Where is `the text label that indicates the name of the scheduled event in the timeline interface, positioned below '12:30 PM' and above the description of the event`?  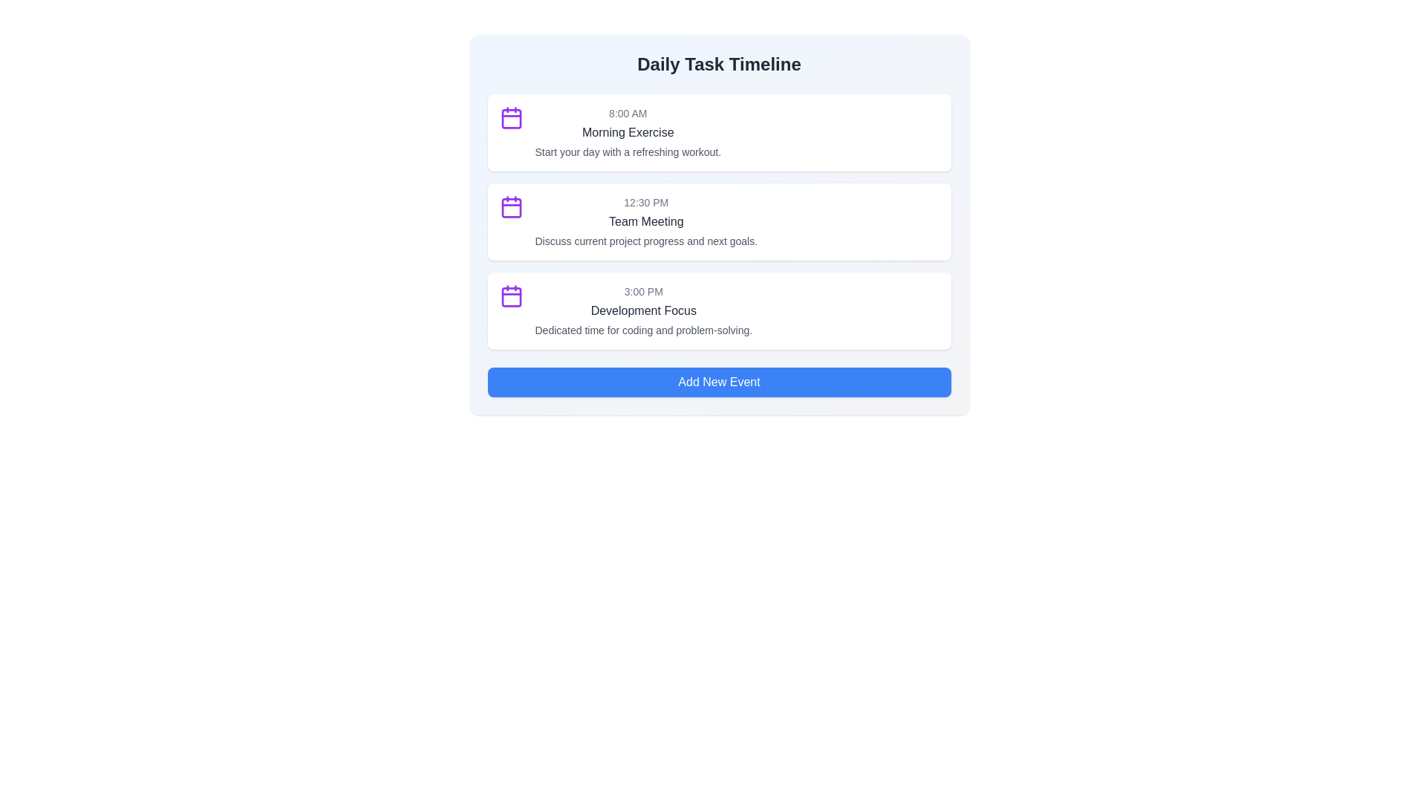 the text label that indicates the name of the scheduled event in the timeline interface, positioned below '12:30 PM' and above the description of the event is located at coordinates (646, 222).